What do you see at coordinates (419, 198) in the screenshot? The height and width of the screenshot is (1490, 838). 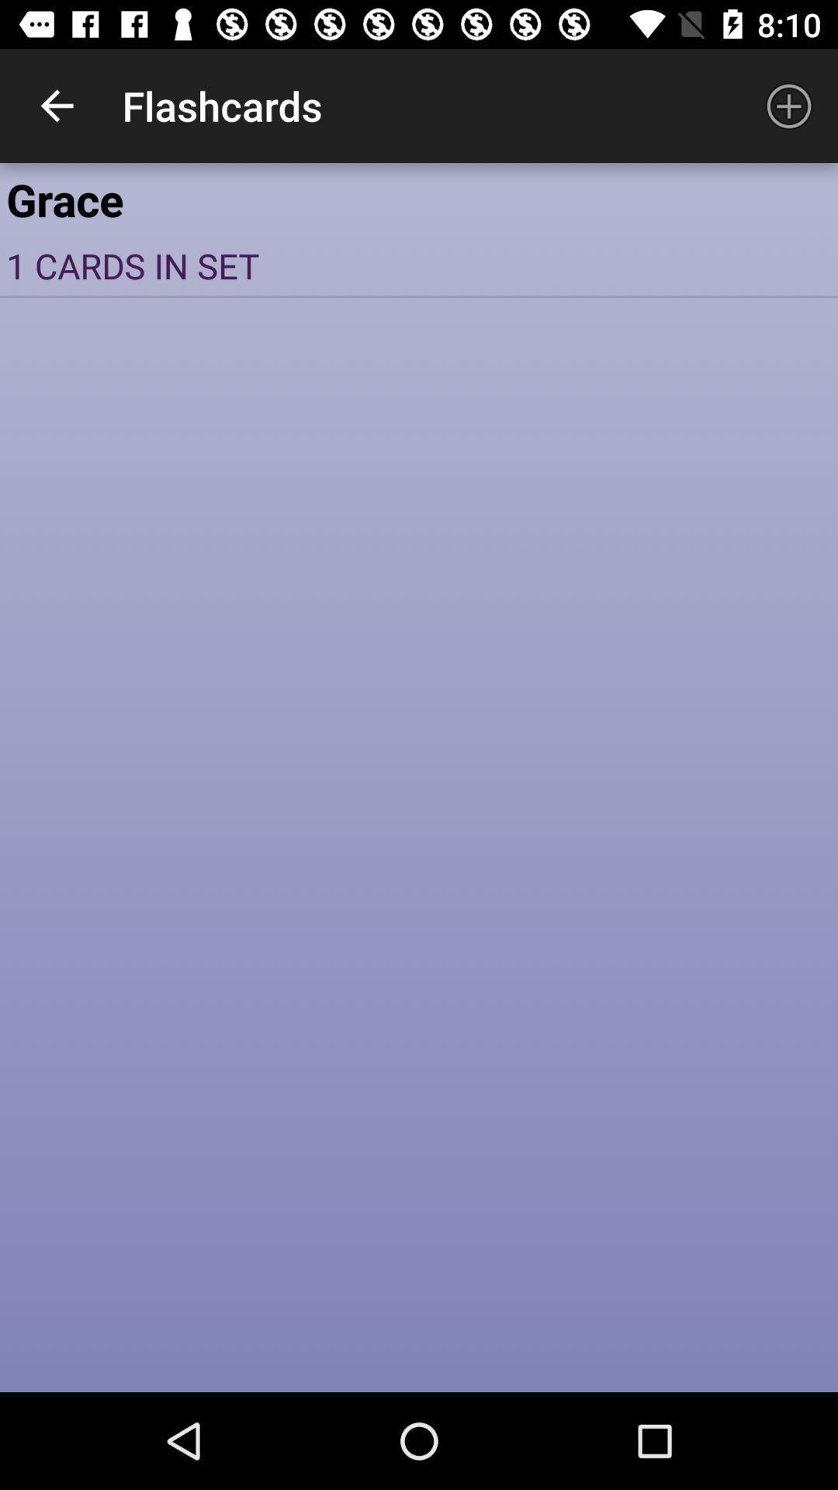 I see `the grace item` at bounding box center [419, 198].